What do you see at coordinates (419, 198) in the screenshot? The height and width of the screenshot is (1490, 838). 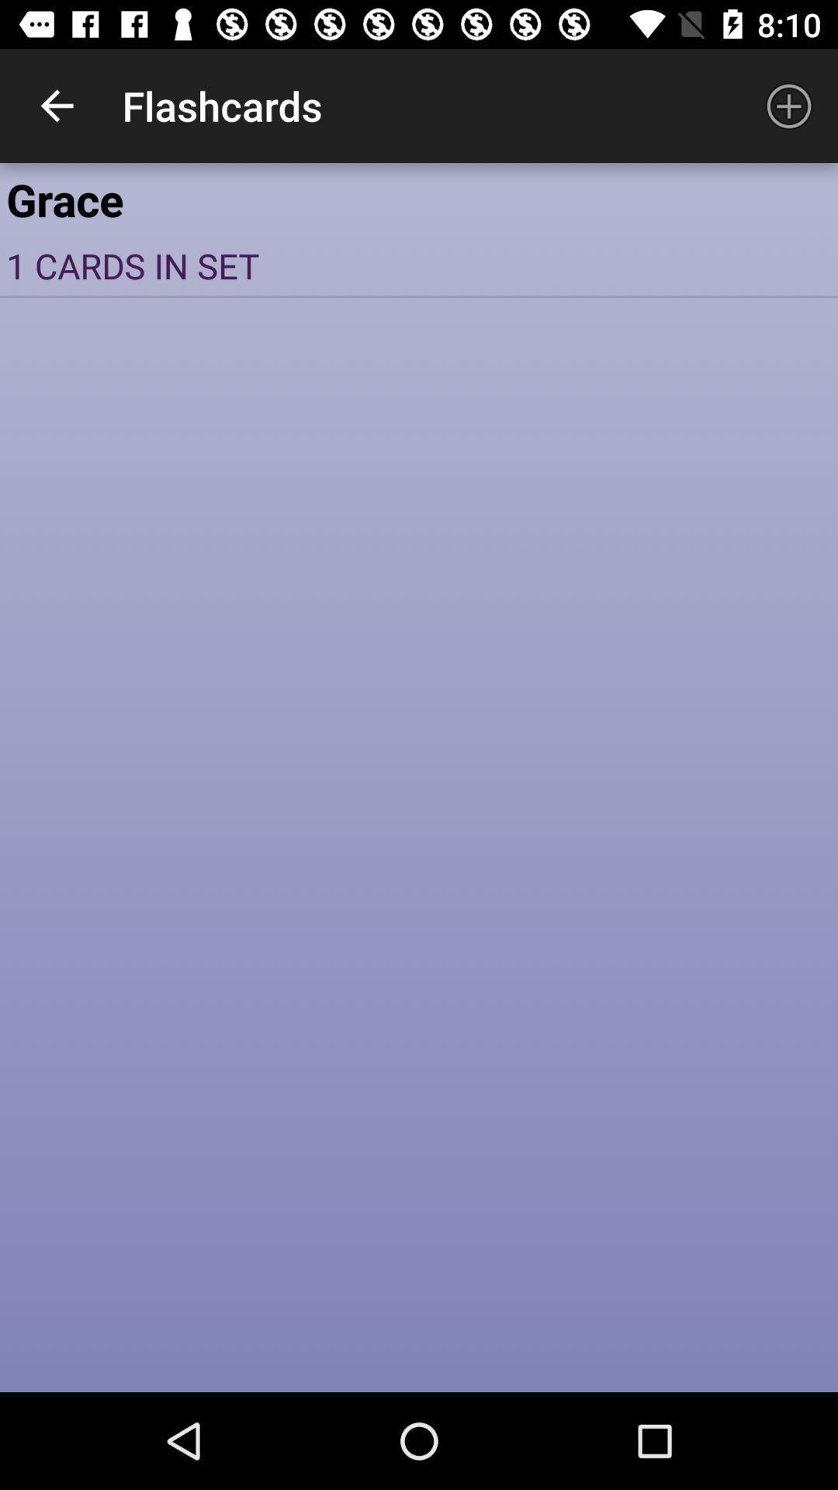 I see `the grace item` at bounding box center [419, 198].